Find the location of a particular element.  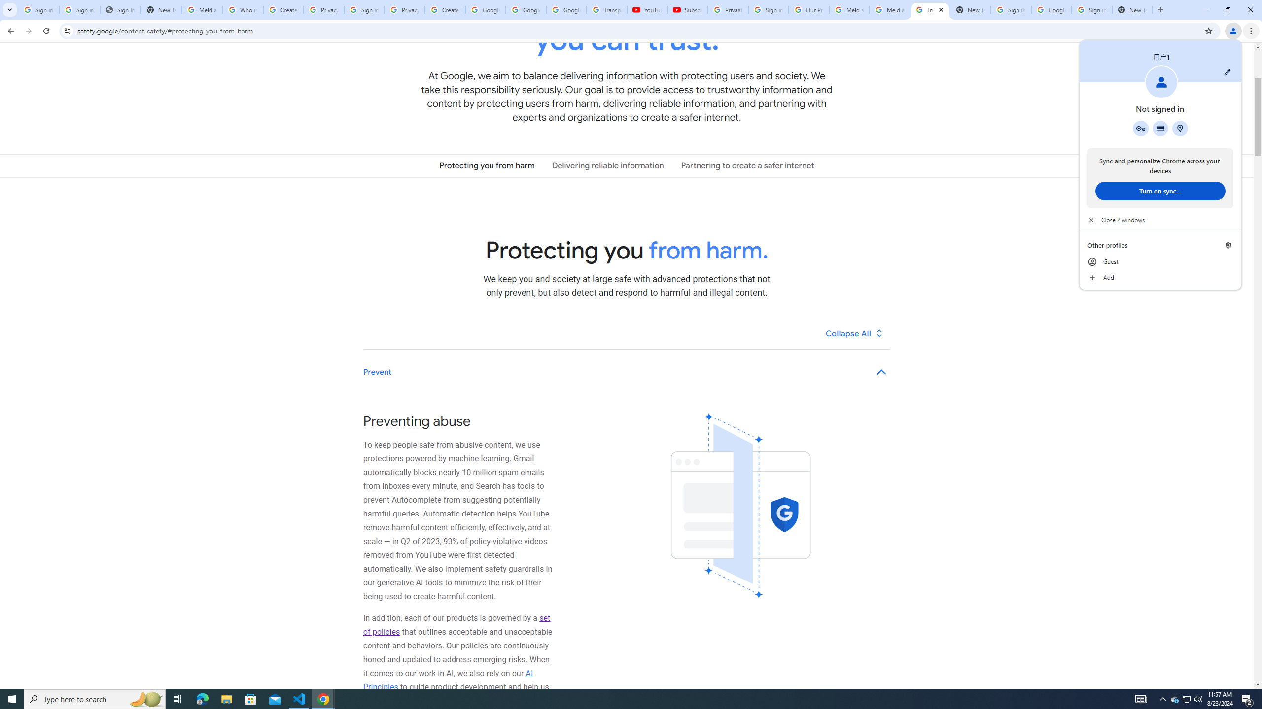

'Sign in - Google Accounts' is located at coordinates (363, 9).